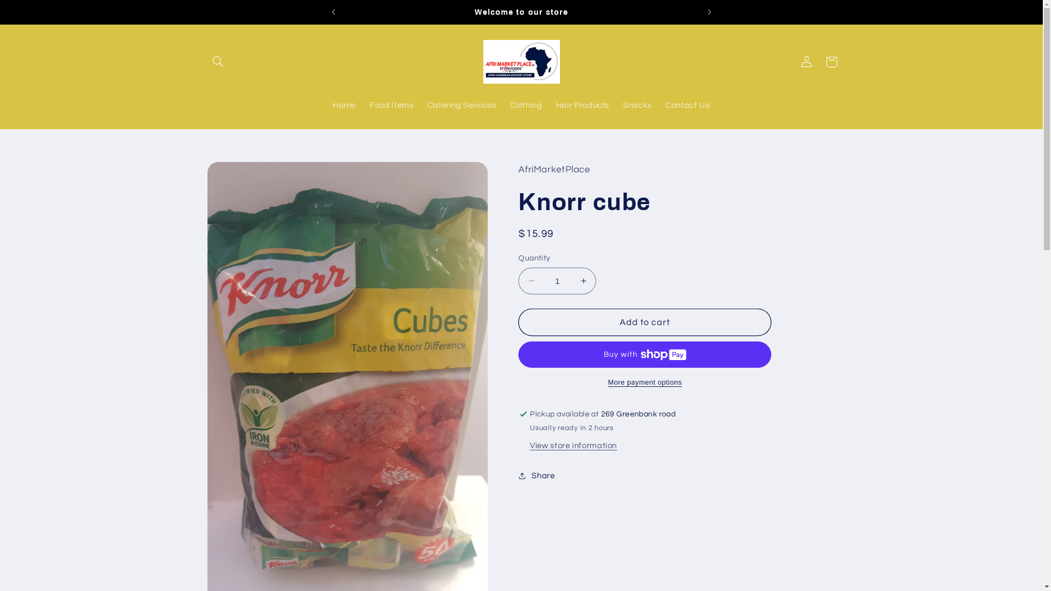 This screenshot has width=1051, height=591. What do you see at coordinates (525, 106) in the screenshot?
I see `'Clothing'` at bounding box center [525, 106].